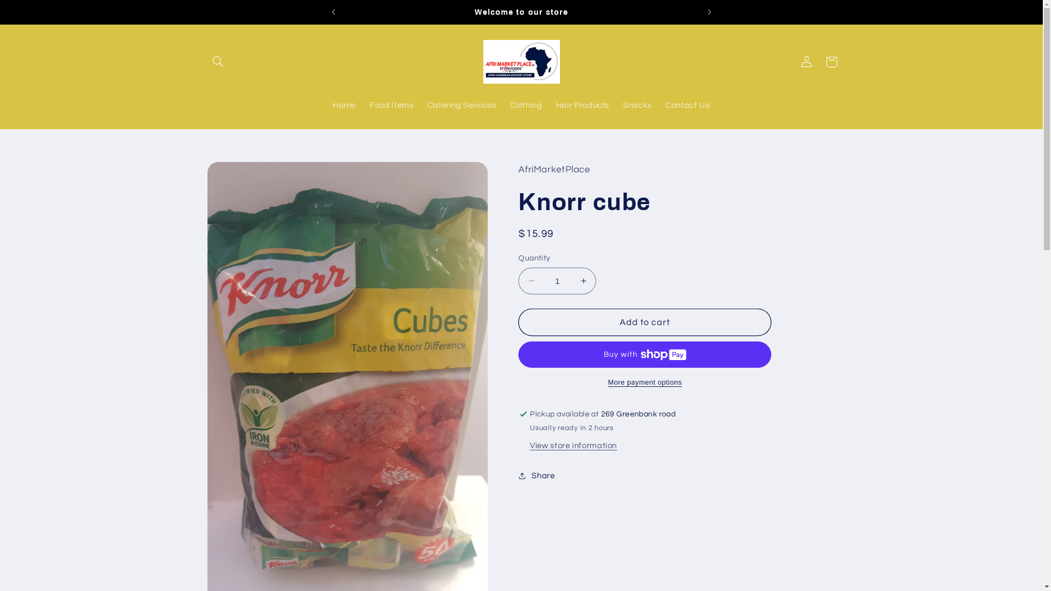 This screenshot has width=1051, height=591. What do you see at coordinates (525, 106) in the screenshot?
I see `'Clothing'` at bounding box center [525, 106].